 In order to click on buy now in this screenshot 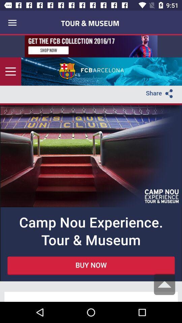, I will do `click(91, 168)`.